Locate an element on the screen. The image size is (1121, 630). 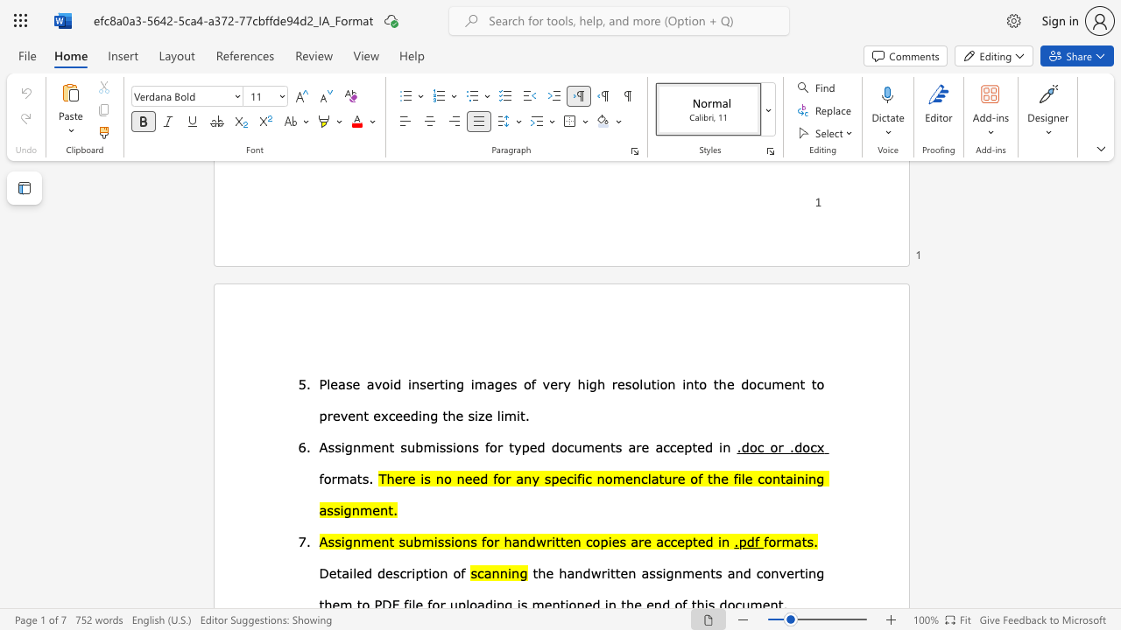
the subset text "nt e" within the text "vent exceeding" is located at coordinates (355, 415).